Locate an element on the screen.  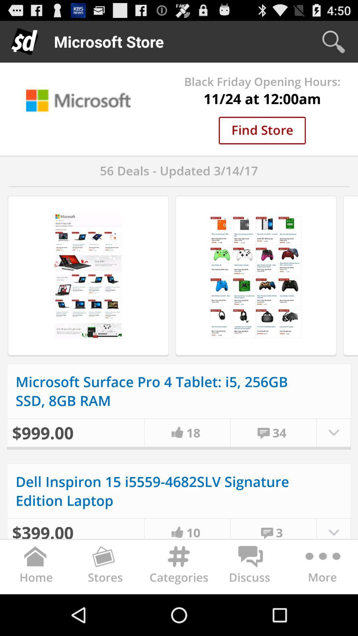
the more icon is located at coordinates (322, 608).